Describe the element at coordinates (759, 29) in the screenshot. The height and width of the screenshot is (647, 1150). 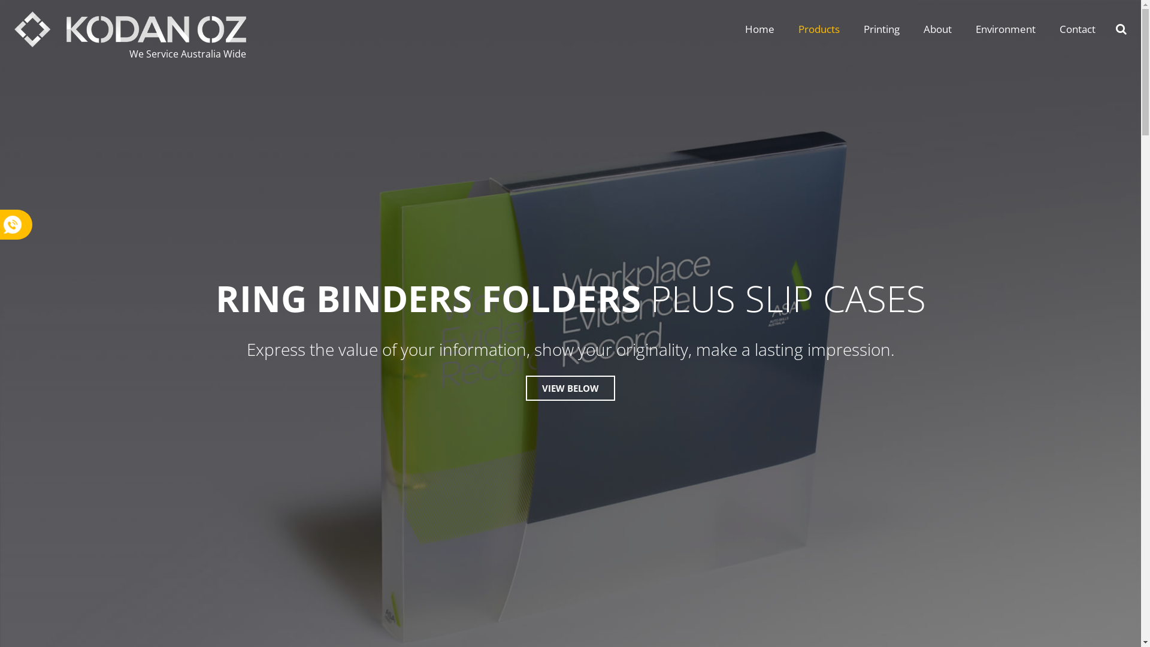
I see `'Home'` at that location.